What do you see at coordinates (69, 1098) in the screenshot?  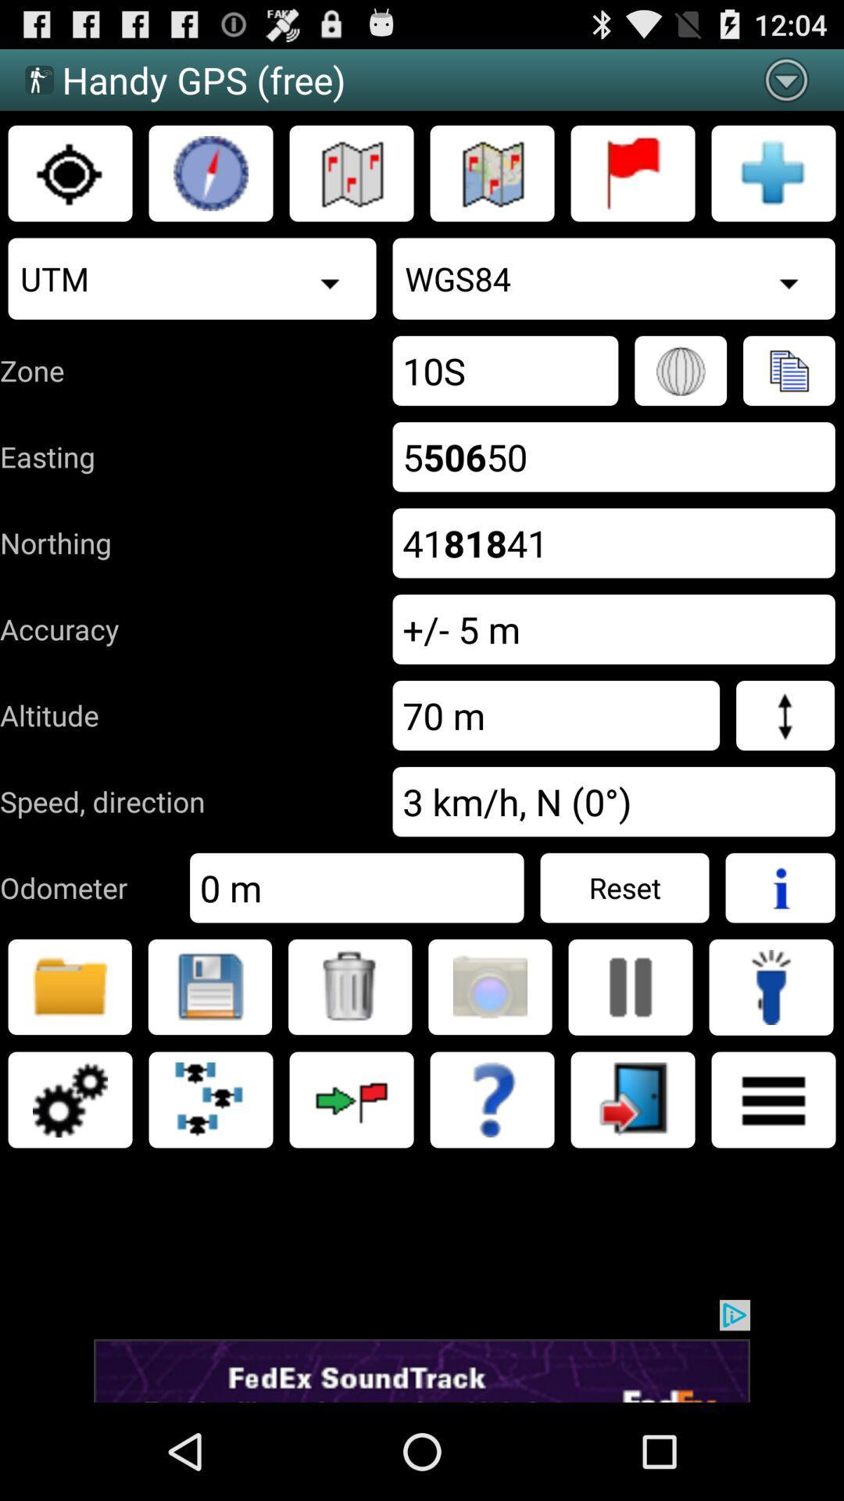 I see `options` at bounding box center [69, 1098].